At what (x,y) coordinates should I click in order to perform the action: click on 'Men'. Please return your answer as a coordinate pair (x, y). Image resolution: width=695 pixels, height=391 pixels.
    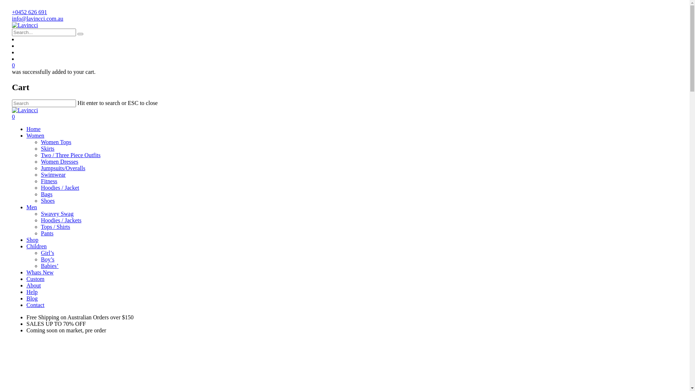
    Looking at the image, I should click on (31, 207).